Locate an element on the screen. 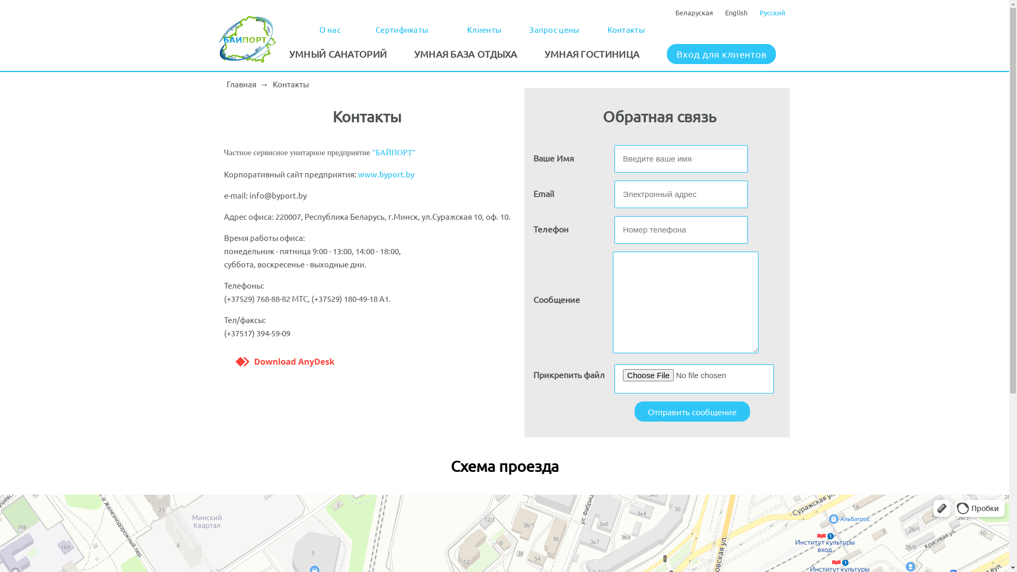 The height and width of the screenshot is (572, 1017). 'www.byport.by' is located at coordinates (386, 173).